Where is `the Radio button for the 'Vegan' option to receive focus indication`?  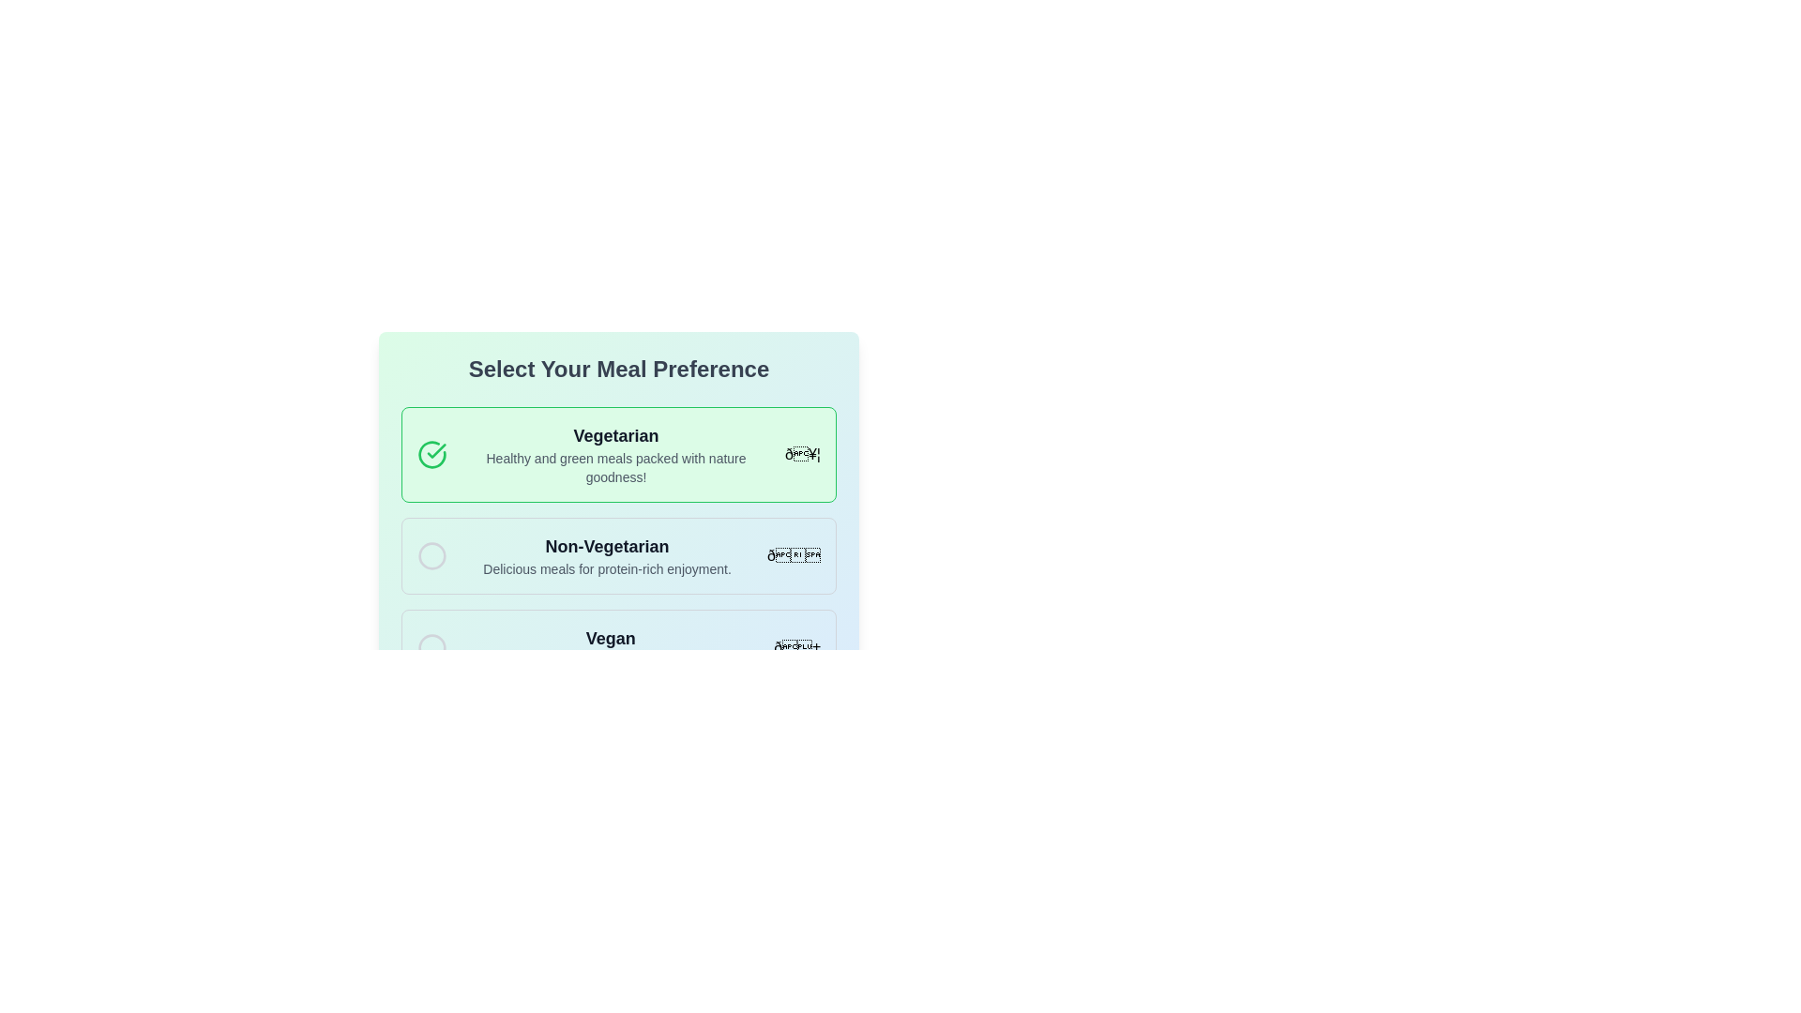
the Radio button for the 'Vegan' option to receive focus indication is located at coordinates (431, 646).